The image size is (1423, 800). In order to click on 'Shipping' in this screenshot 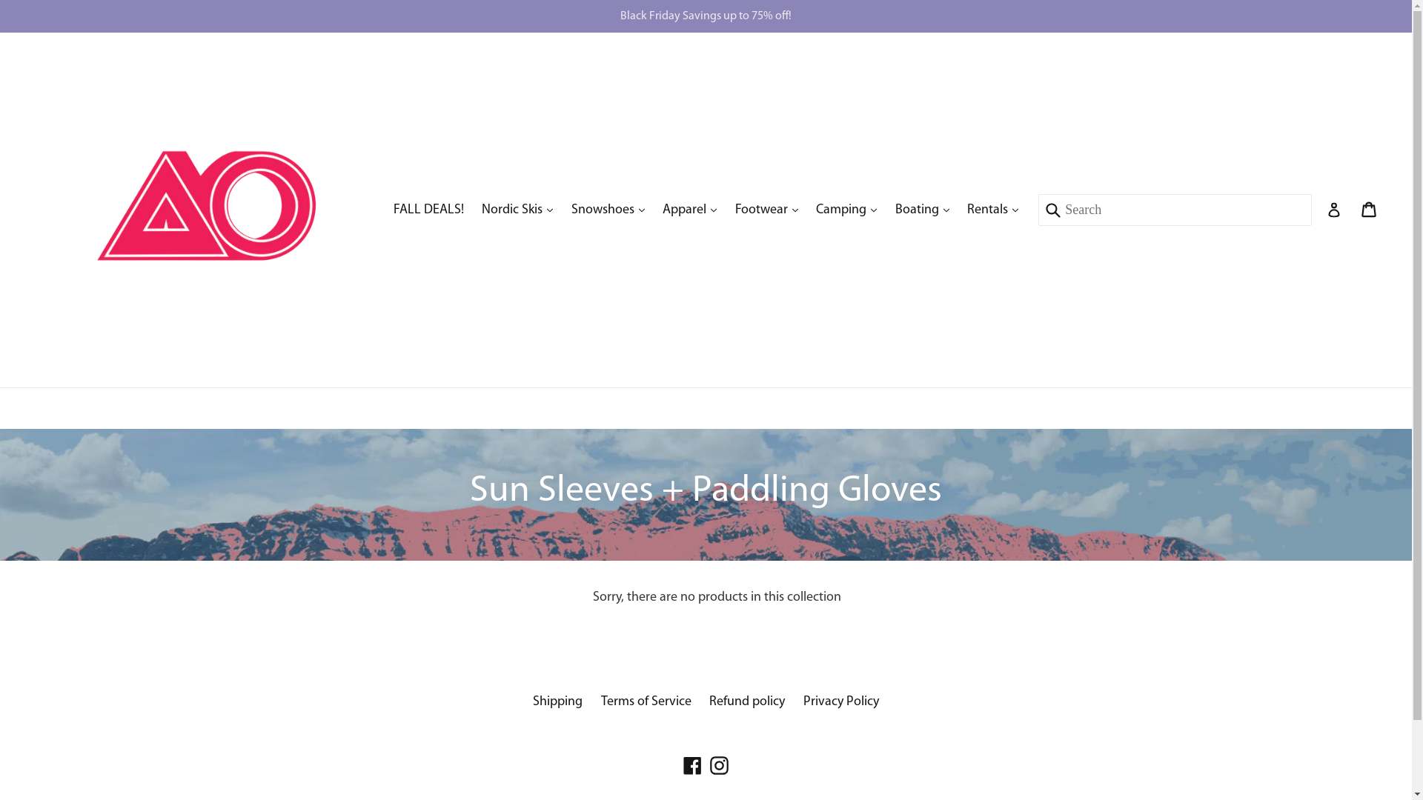, I will do `click(557, 701)`.